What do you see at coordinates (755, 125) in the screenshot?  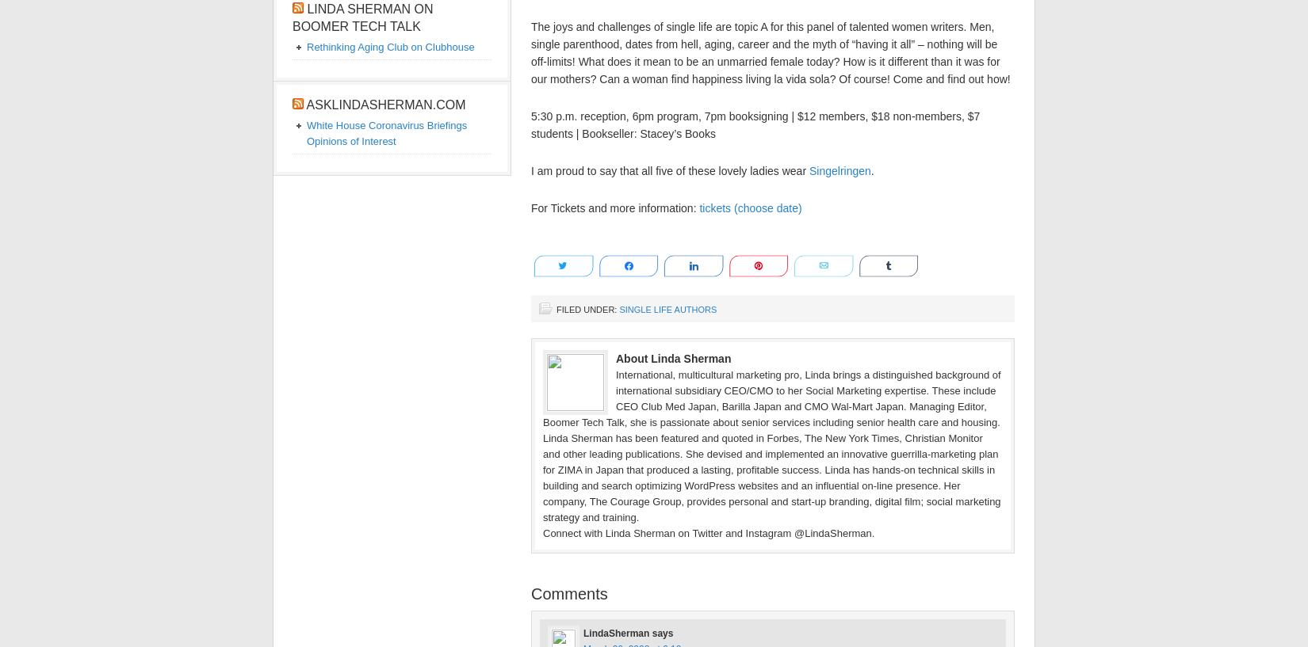 I see `'5:30 p.m. reception, 6pm program, 7pm booksigning | $12 members, $18 non-members, $7 students | Bookseller: Stacey’s Books'` at bounding box center [755, 125].